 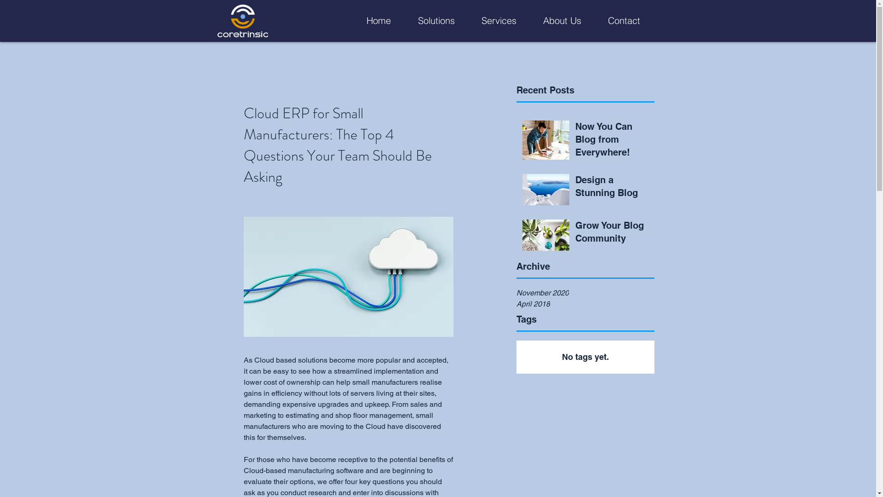 I want to click on 'About Us', so click(x=555, y=21).